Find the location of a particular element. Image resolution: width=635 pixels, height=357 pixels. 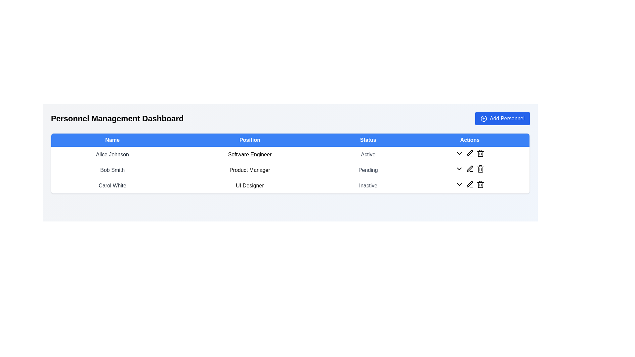

the 'Status' text label, which is displayed in white within a blue header bar and is centrally located at the top of the data table is located at coordinates (368, 140).